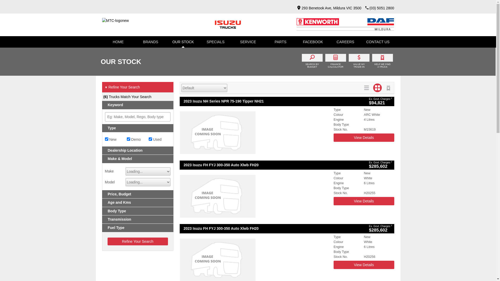  What do you see at coordinates (118, 42) in the screenshot?
I see `'HOME'` at bounding box center [118, 42].